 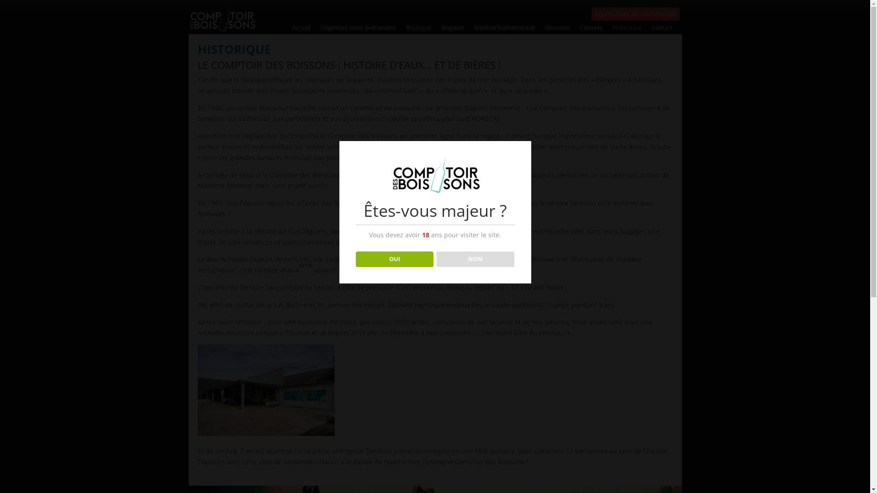 What do you see at coordinates (452, 29) in the screenshot?
I see `'Magasin'` at bounding box center [452, 29].